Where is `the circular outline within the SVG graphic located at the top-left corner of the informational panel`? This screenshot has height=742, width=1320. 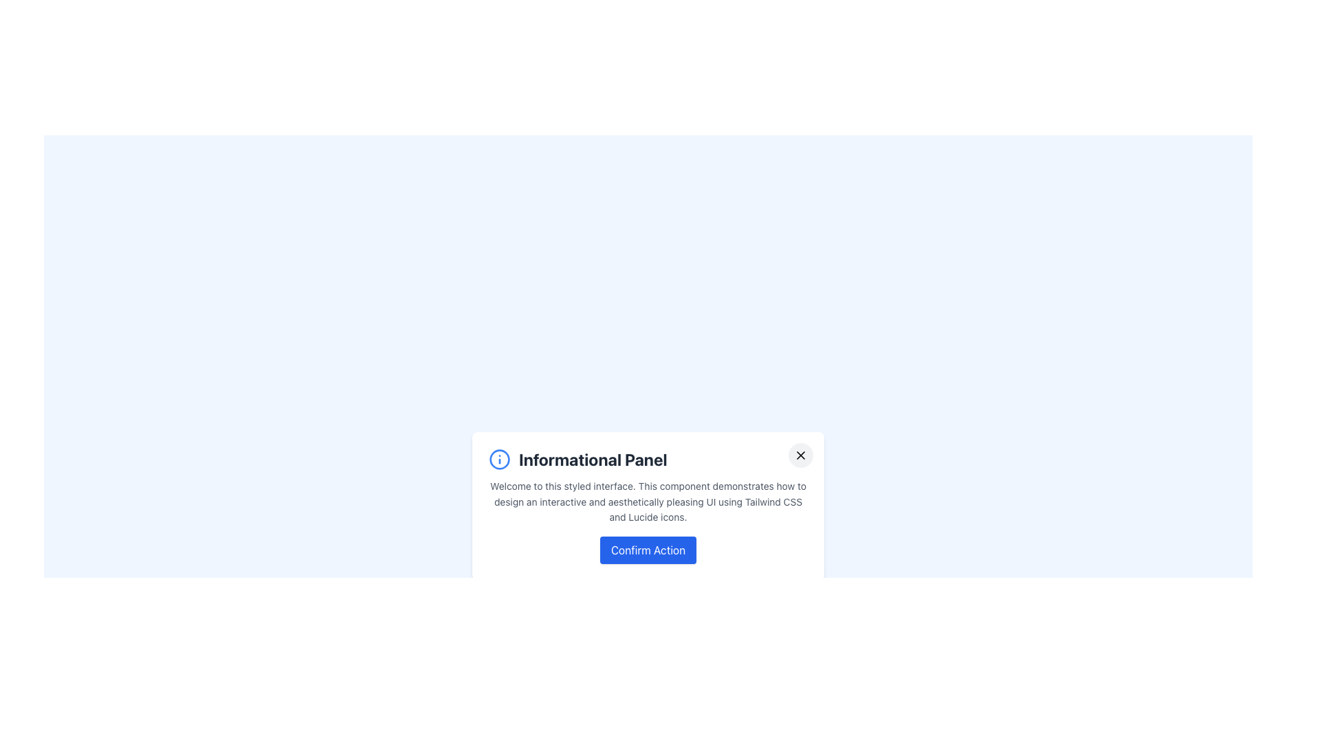 the circular outline within the SVG graphic located at the top-left corner of the informational panel is located at coordinates (498, 458).